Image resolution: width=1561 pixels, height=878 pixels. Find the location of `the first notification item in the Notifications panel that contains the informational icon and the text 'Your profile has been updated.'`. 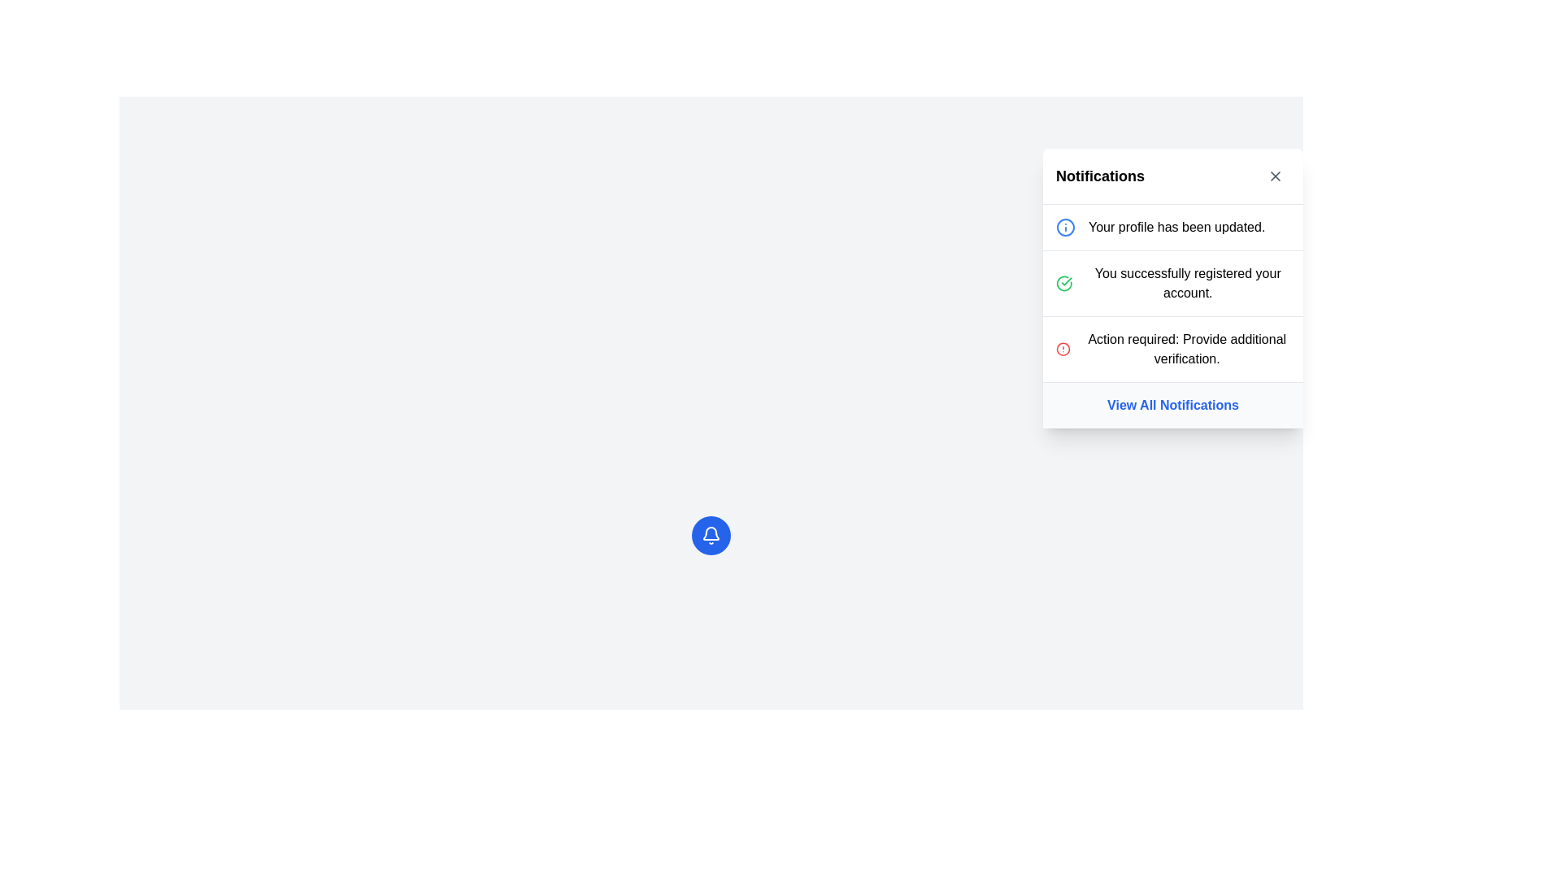

the first notification item in the Notifications panel that contains the informational icon and the text 'Your profile has been updated.' is located at coordinates (1173, 228).